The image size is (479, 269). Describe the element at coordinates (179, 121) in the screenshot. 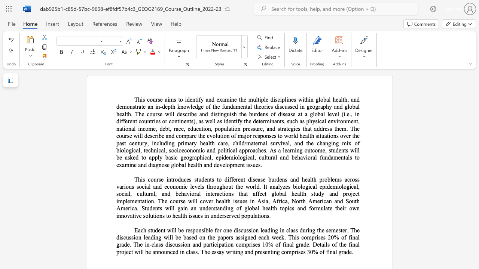

I see `the subset text "inent" within the text "continents"` at that location.